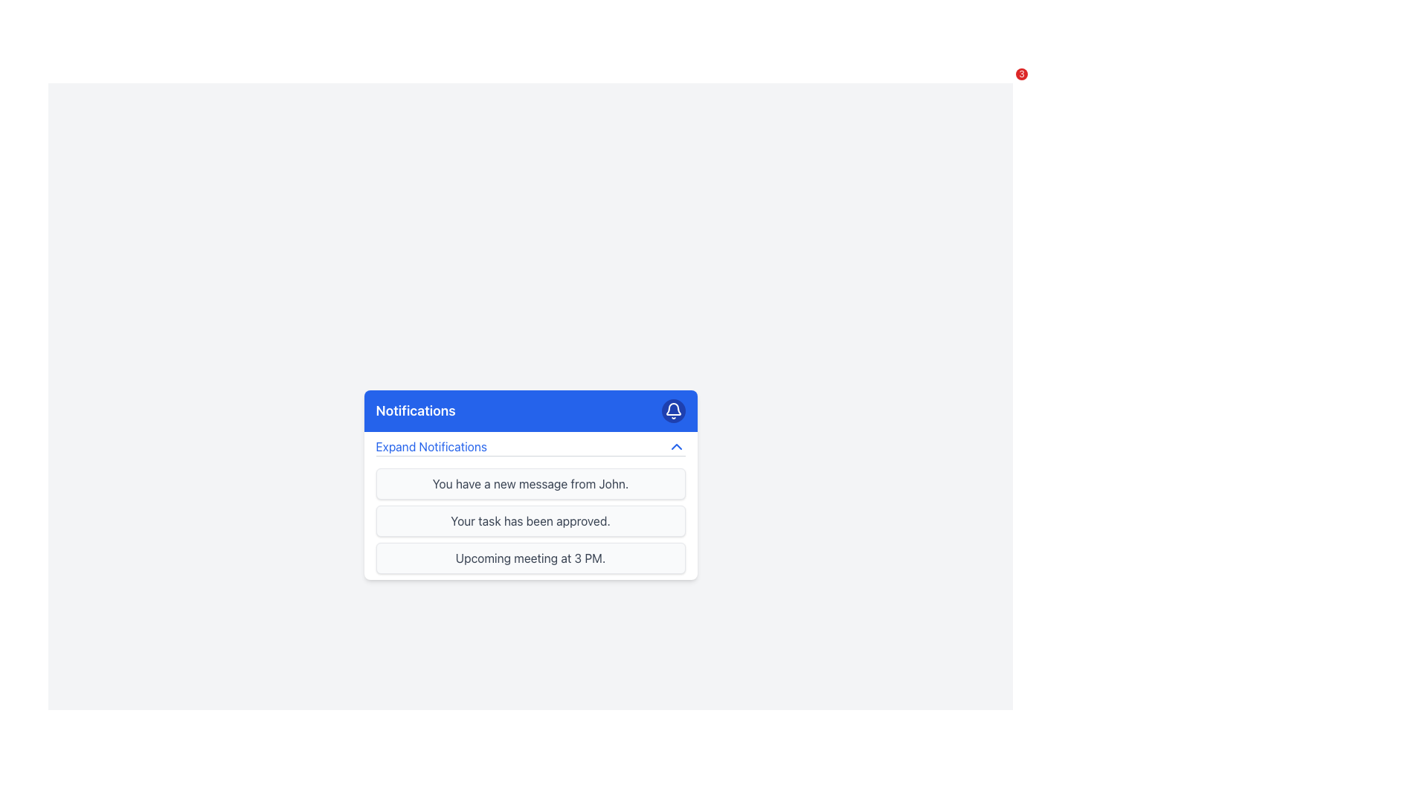 Image resolution: width=1428 pixels, height=803 pixels. I want to click on the bell icon representing notifications, which is styled with a white outline and centrally placed inside a circular blue area at the top-right of the notification panel, so click(672, 410).